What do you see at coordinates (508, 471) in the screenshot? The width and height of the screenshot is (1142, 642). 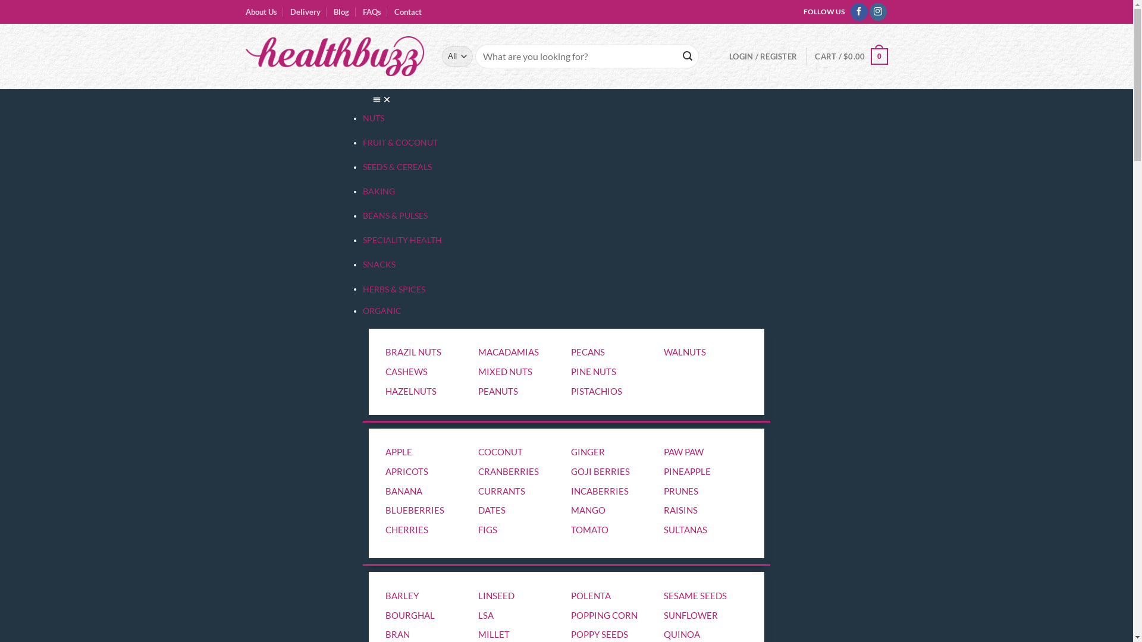 I see `'CRANBERRIES'` at bounding box center [508, 471].